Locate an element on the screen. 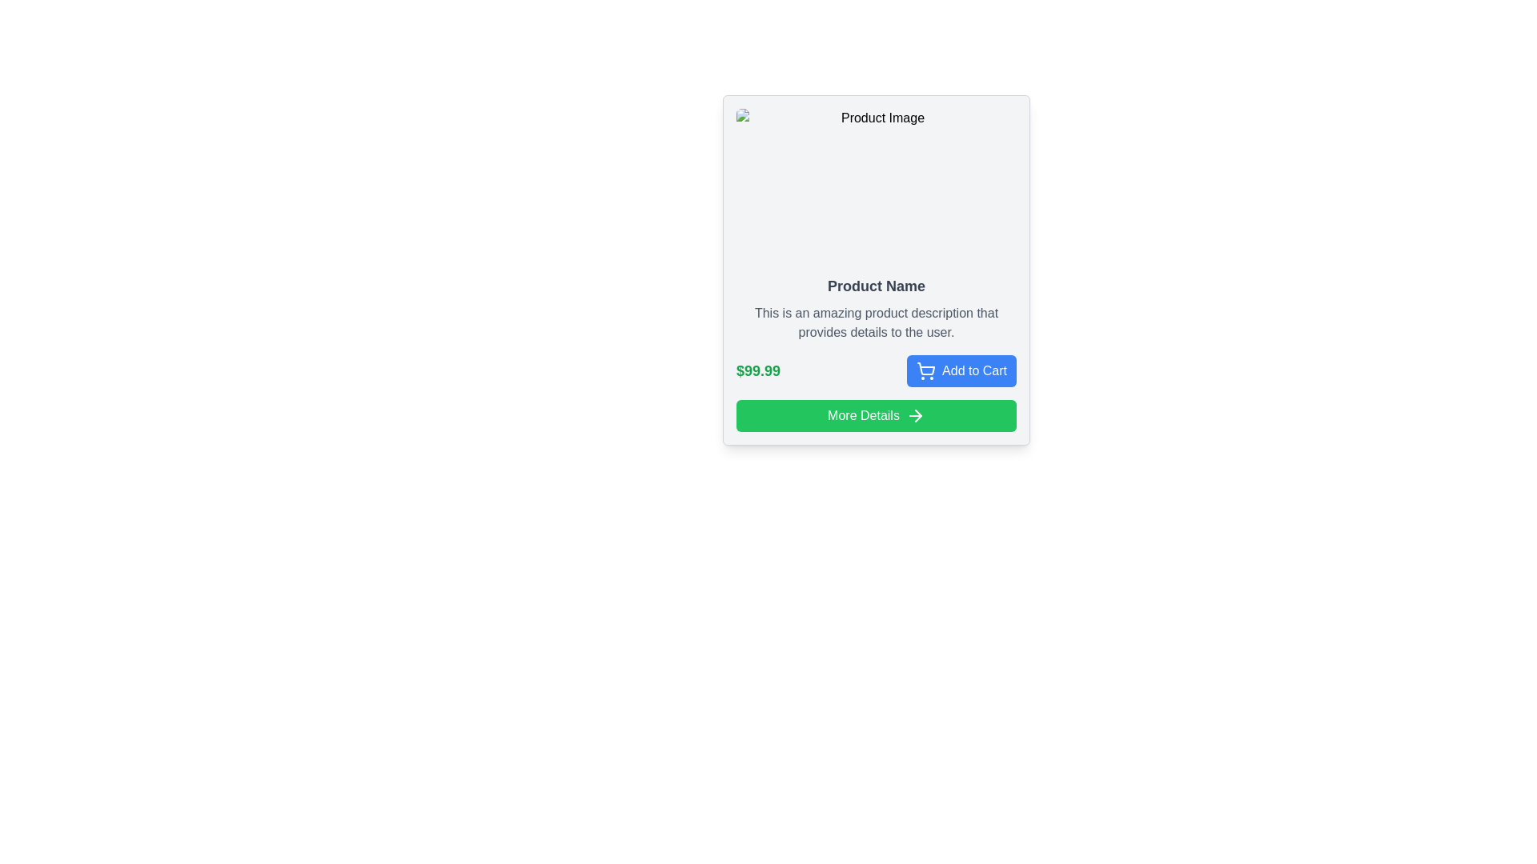 This screenshot has width=1537, height=864. the rightward-pointing arrow icon with a green background, which is located on the far right within the 'More Details' button at the bottom of the product card is located at coordinates (915, 415).